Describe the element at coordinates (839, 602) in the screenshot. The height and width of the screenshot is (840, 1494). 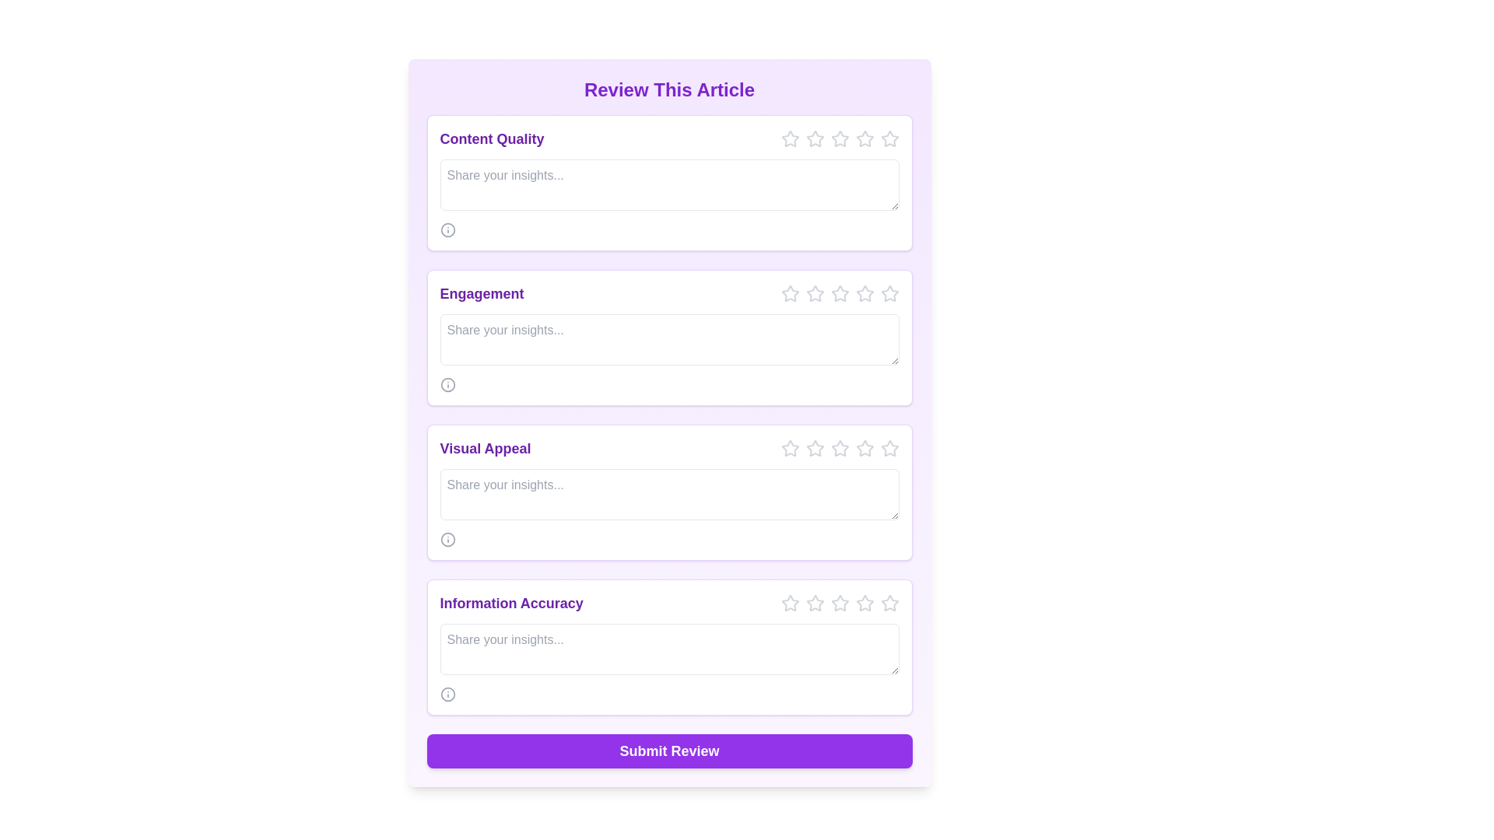
I see `the third star icon in the 'Information Accuracy' section` at that location.